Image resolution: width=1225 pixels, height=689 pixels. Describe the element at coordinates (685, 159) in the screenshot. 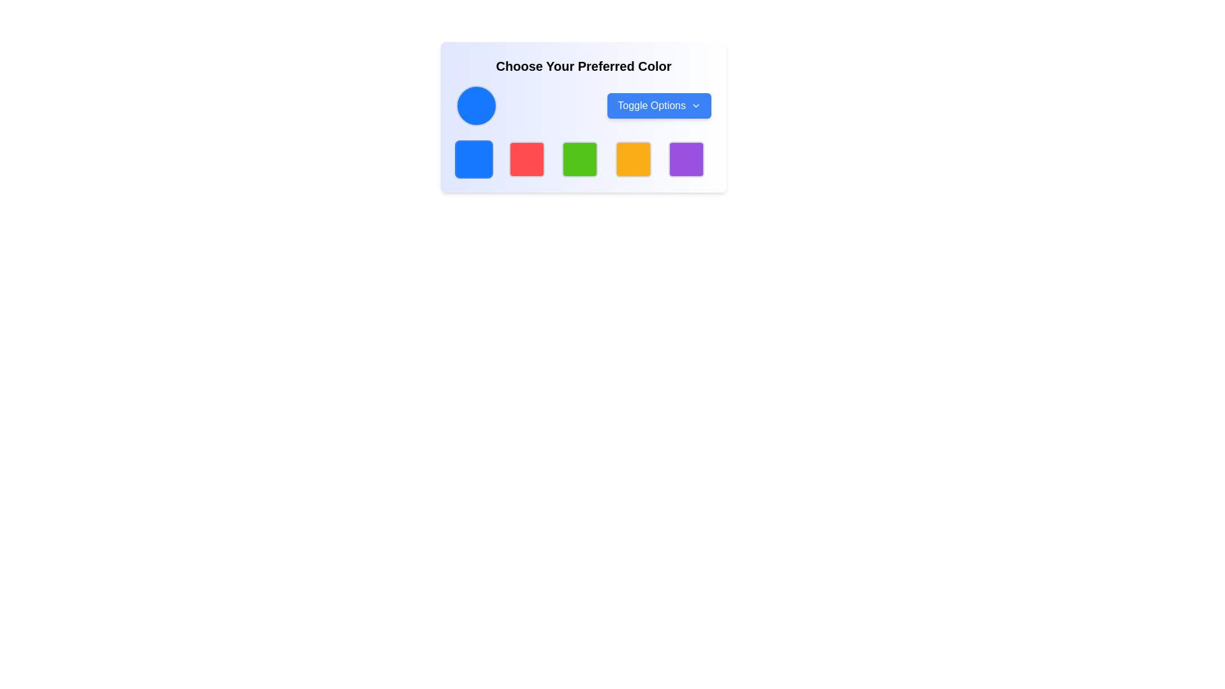

I see `the fifth color picker option, which is a square-shaped element with a purple background and gray border` at that location.